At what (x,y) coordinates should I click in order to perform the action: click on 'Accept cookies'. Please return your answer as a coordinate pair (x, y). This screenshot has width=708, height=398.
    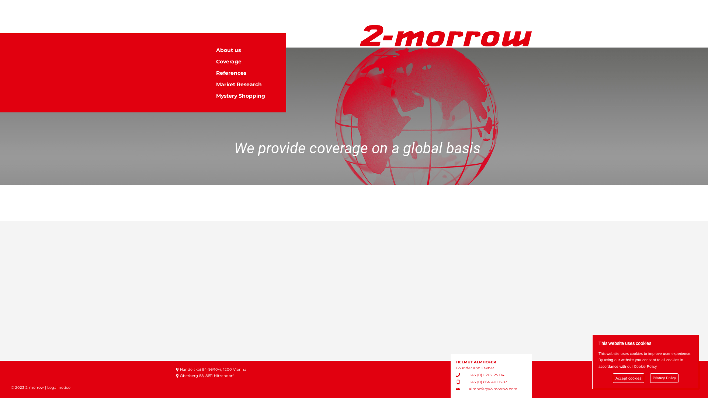
    Looking at the image, I should click on (628, 378).